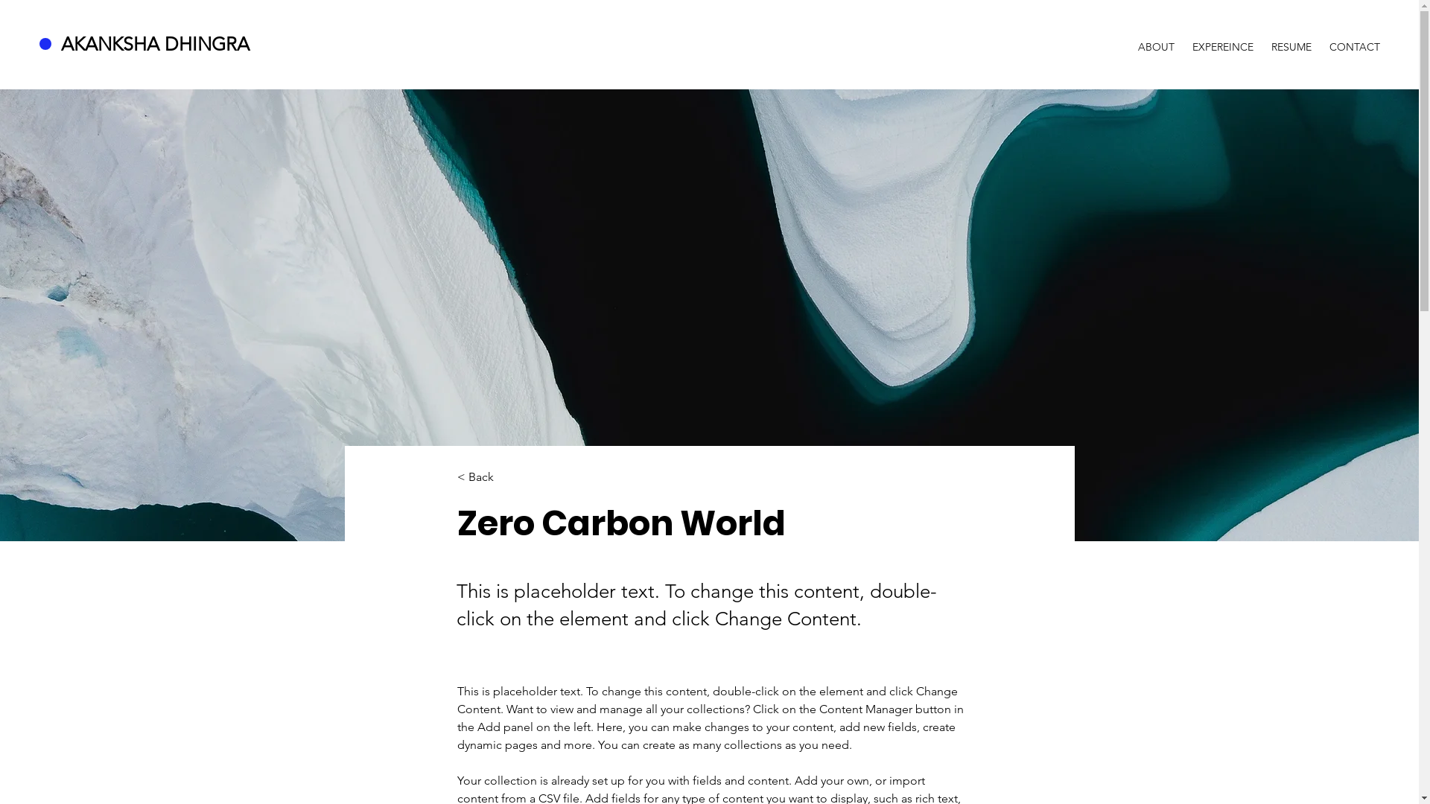  I want to click on 'ABOUT', so click(1155, 39).